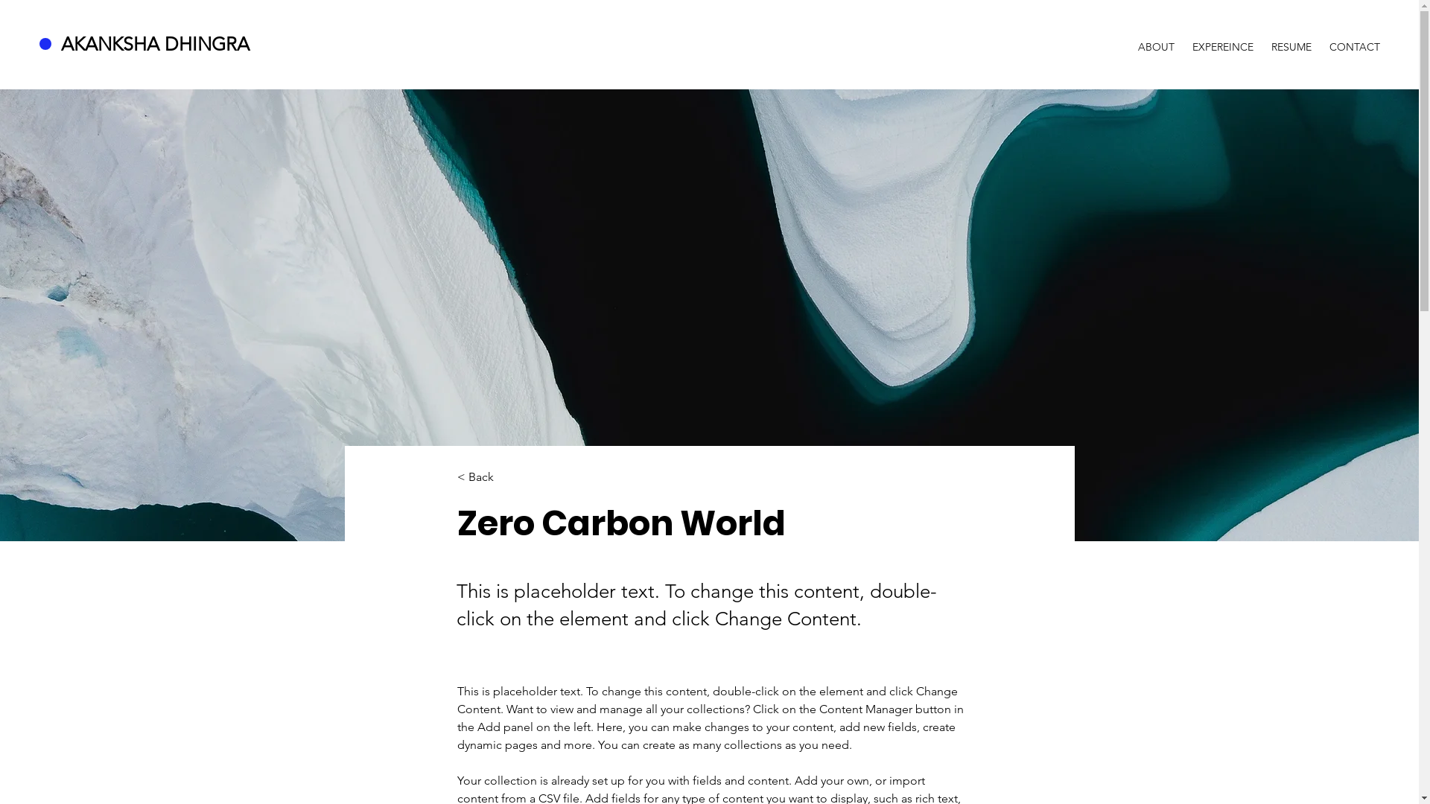  I want to click on 'ABOUT', so click(1155, 39).